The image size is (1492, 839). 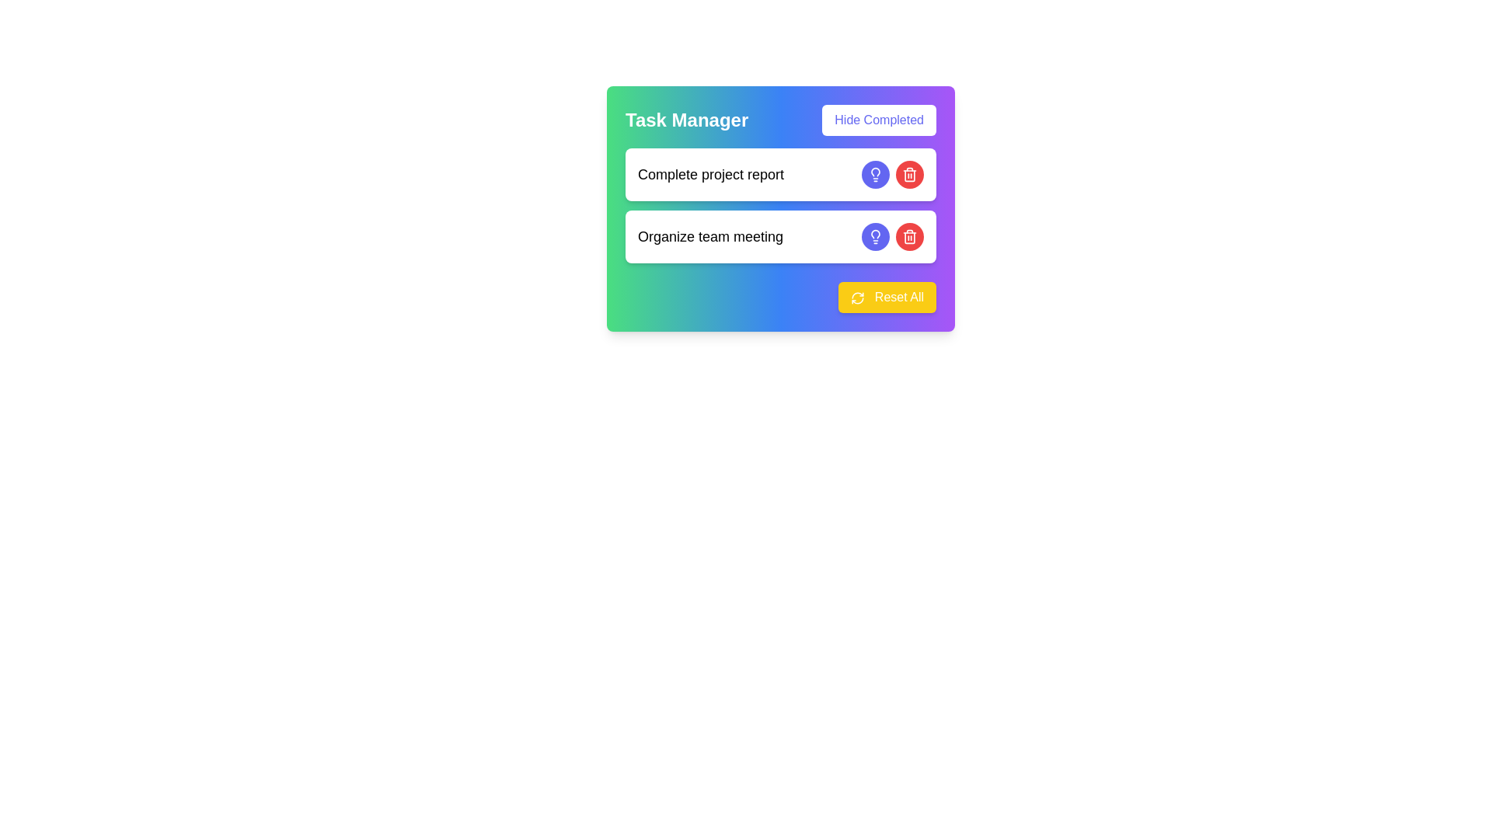 What do you see at coordinates (910, 174) in the screenshot?
I see `the delete button at the end of the first task row in the task manager interface` at bounding box center [910, 174].